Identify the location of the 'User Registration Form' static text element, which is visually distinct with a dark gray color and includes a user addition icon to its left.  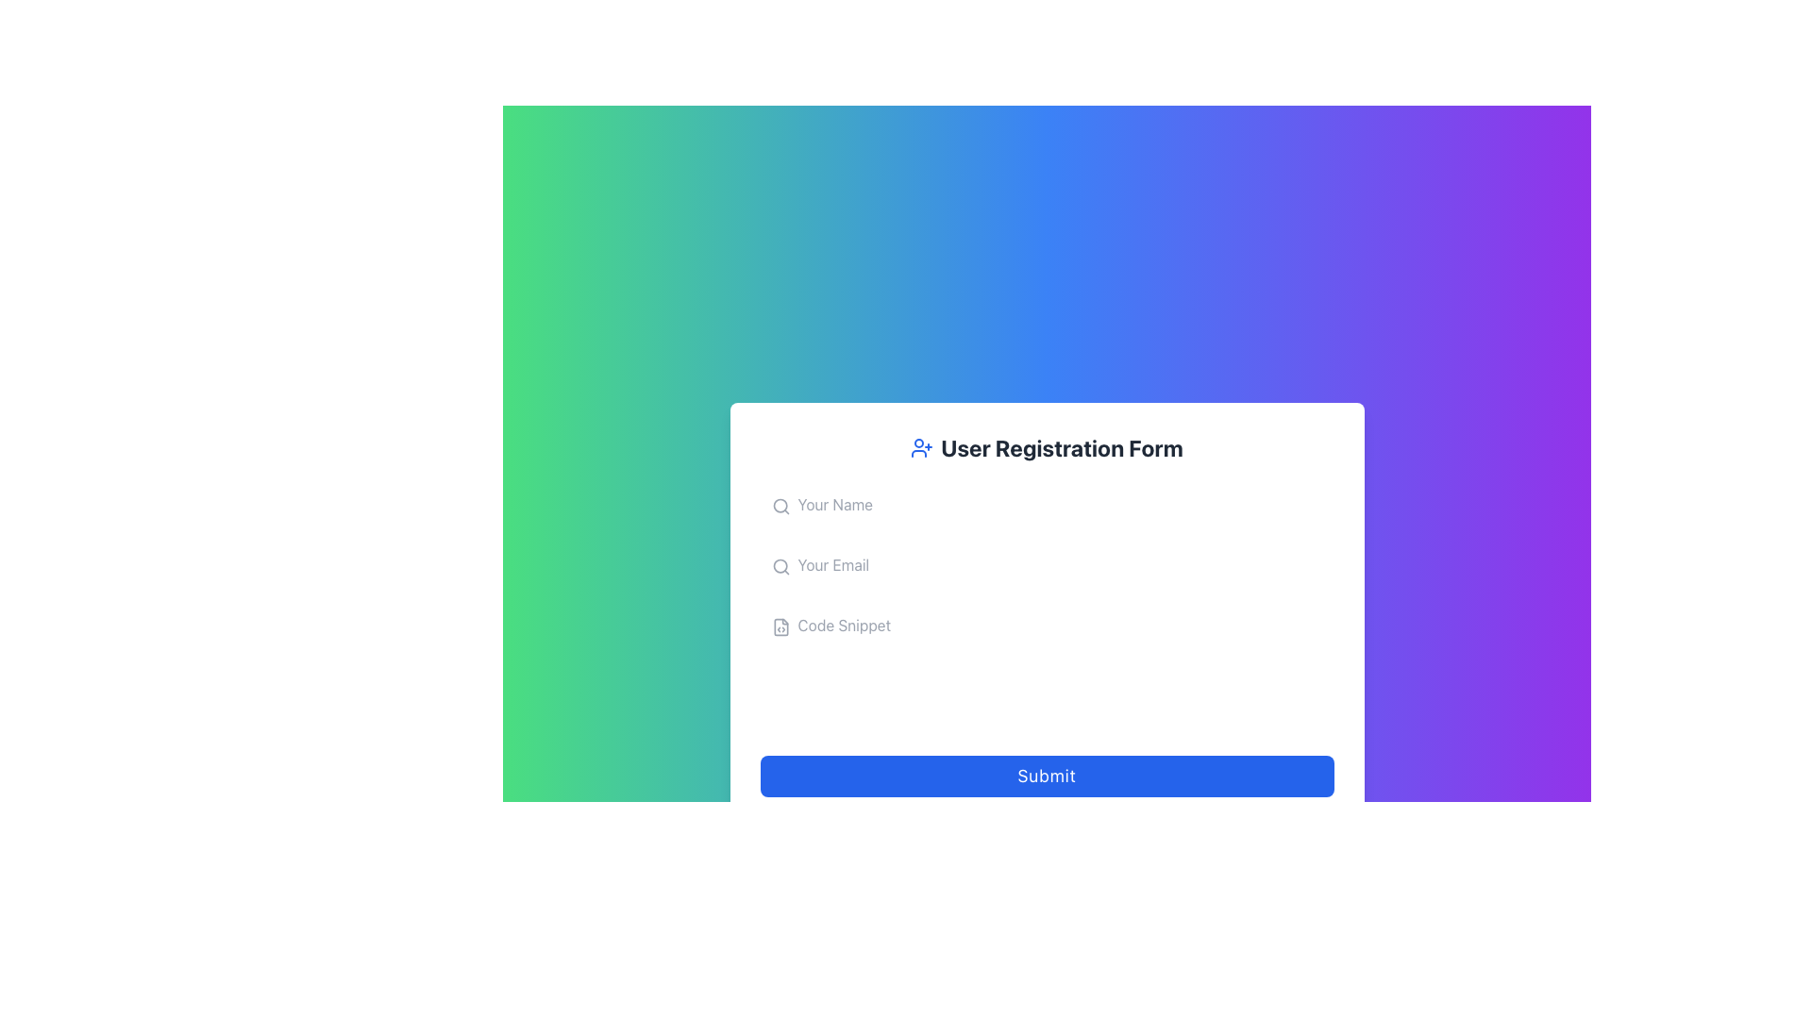
(1046, 447).